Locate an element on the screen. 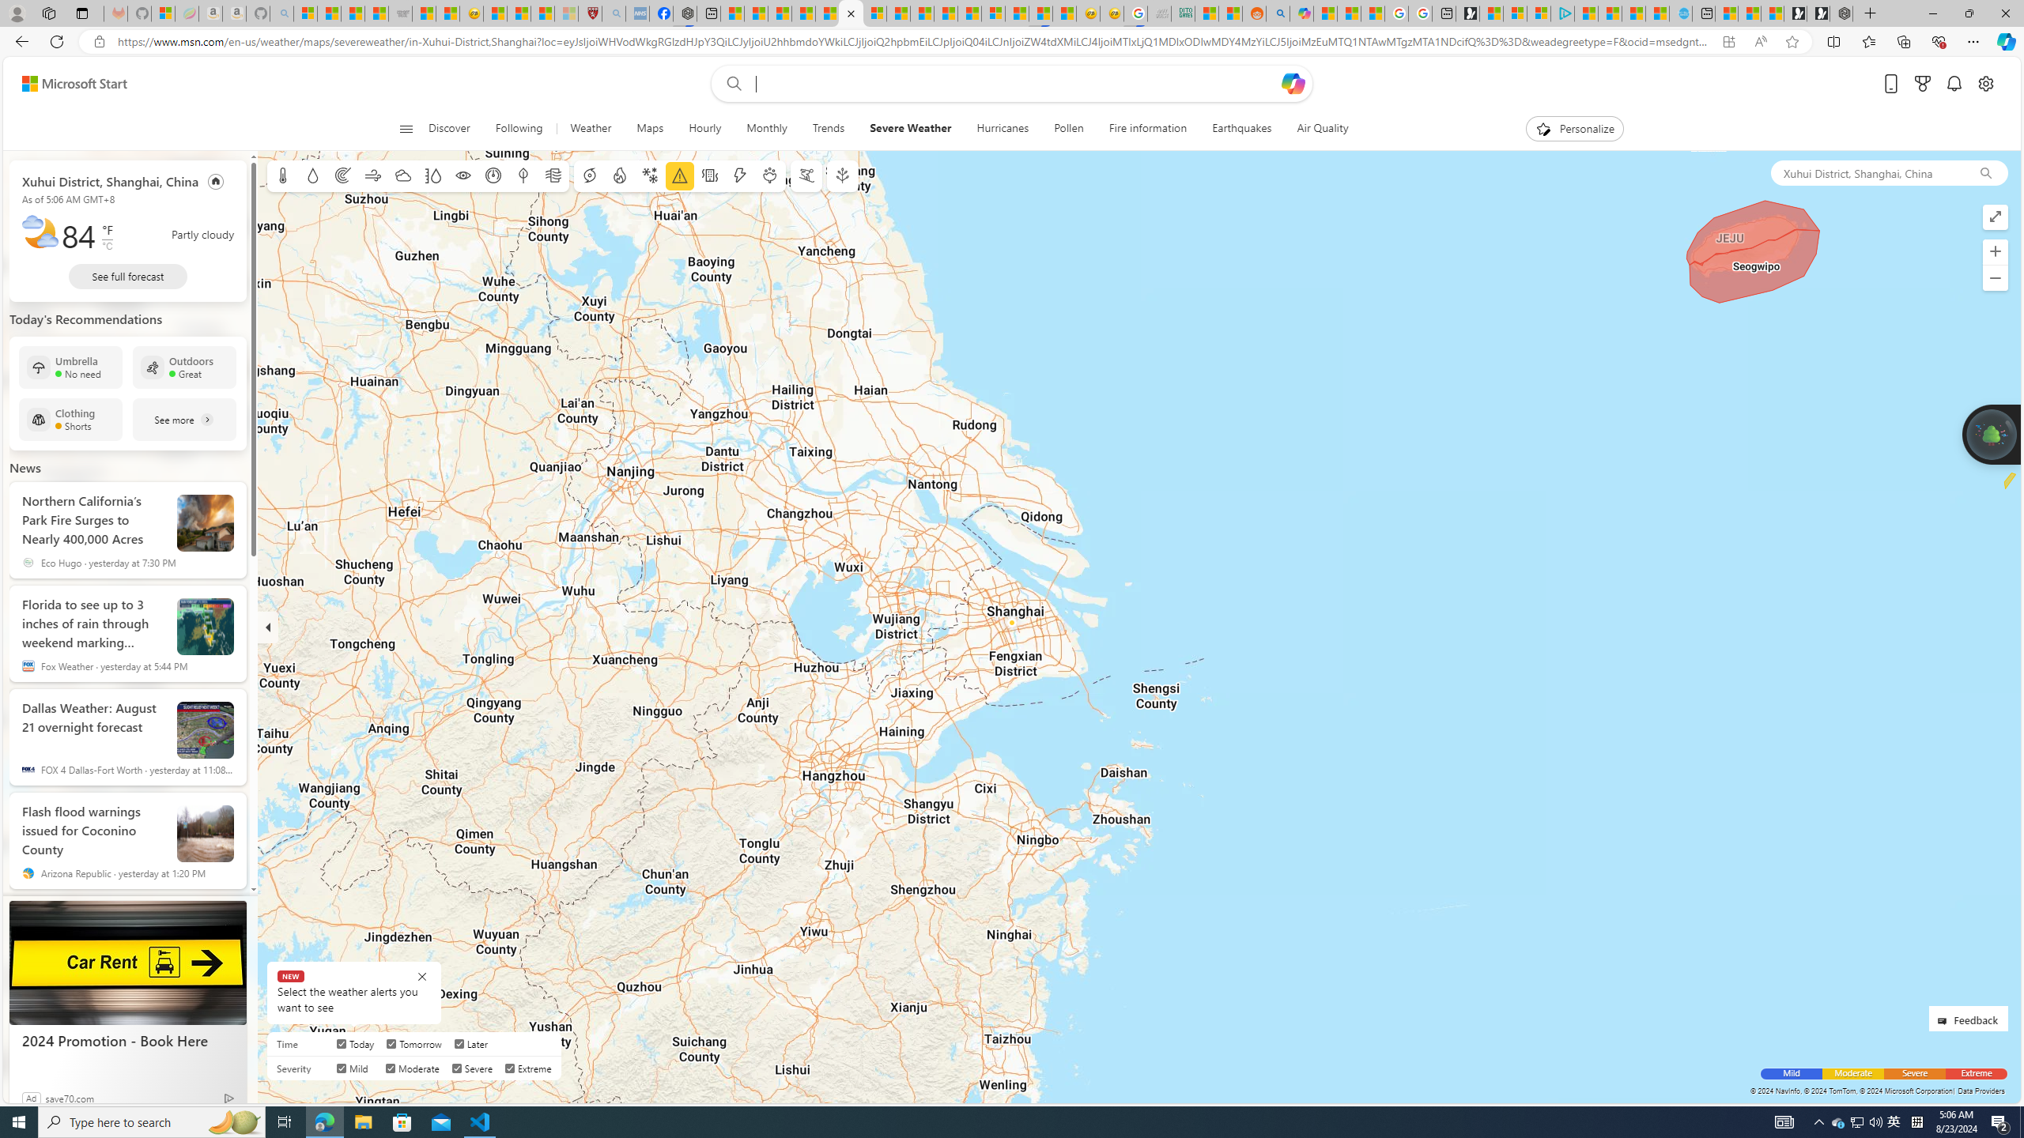  'Air Quality' is located at coordinates (1321, 128).